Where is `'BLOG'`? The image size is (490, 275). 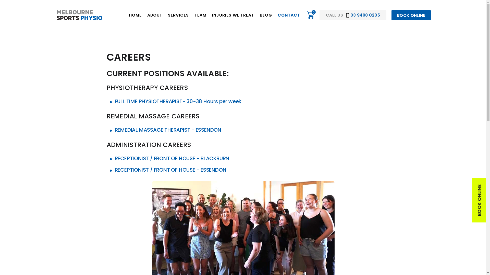 'BLOG' is located at coordinates (265, 15).